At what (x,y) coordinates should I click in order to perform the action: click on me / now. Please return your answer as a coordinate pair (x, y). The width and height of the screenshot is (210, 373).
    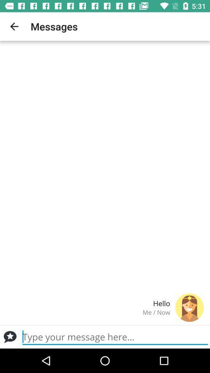
    Looking at the image, I should click on (87, 312).